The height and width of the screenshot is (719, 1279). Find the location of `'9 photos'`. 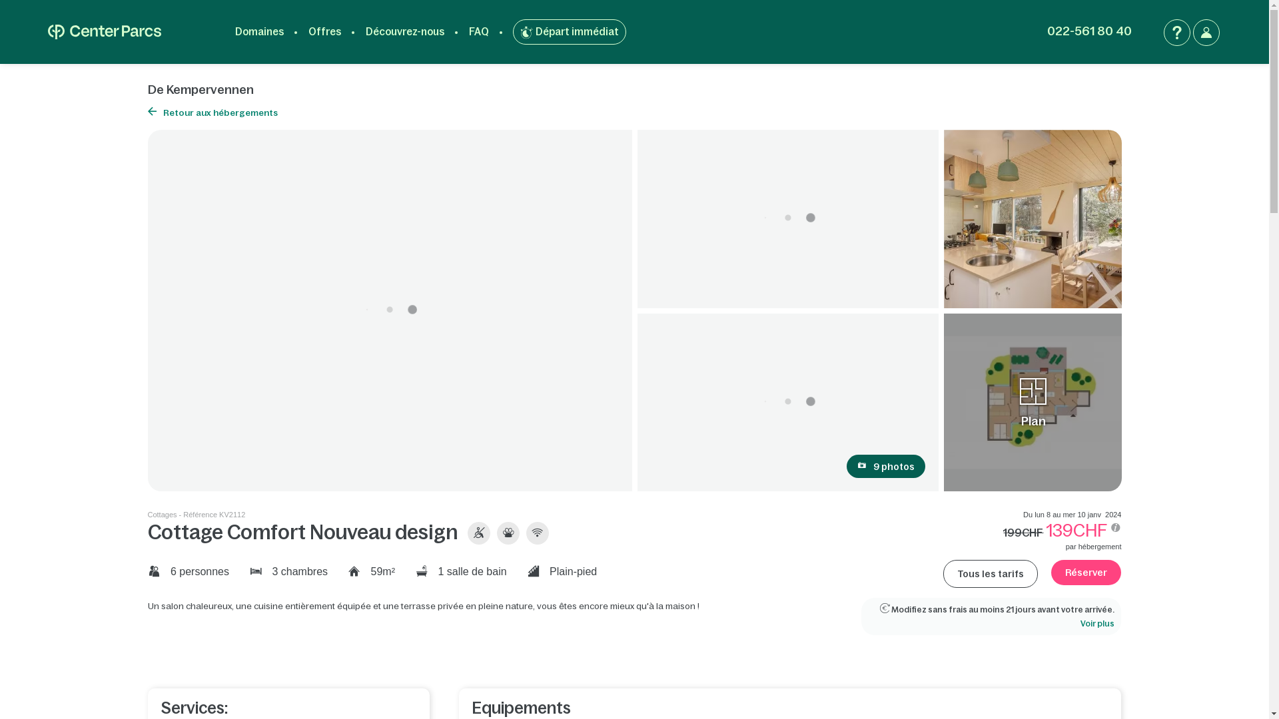

'9 photos' is located at coordinates (885, 465).